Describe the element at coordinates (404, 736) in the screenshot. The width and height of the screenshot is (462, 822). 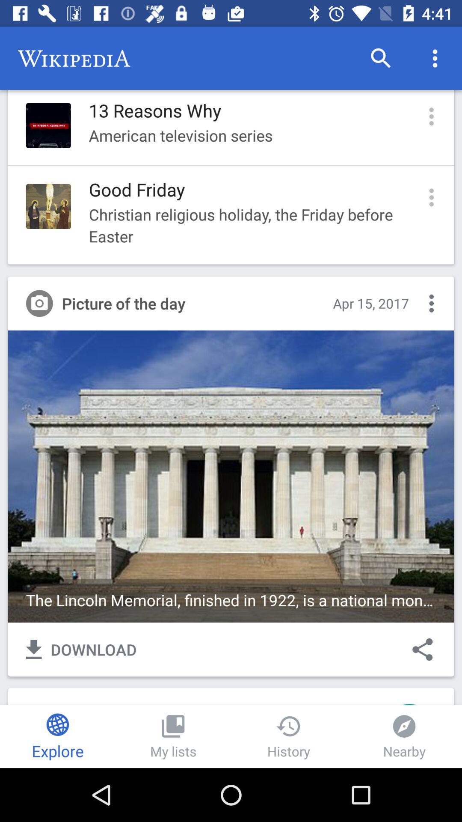
I see `near by` at that location.